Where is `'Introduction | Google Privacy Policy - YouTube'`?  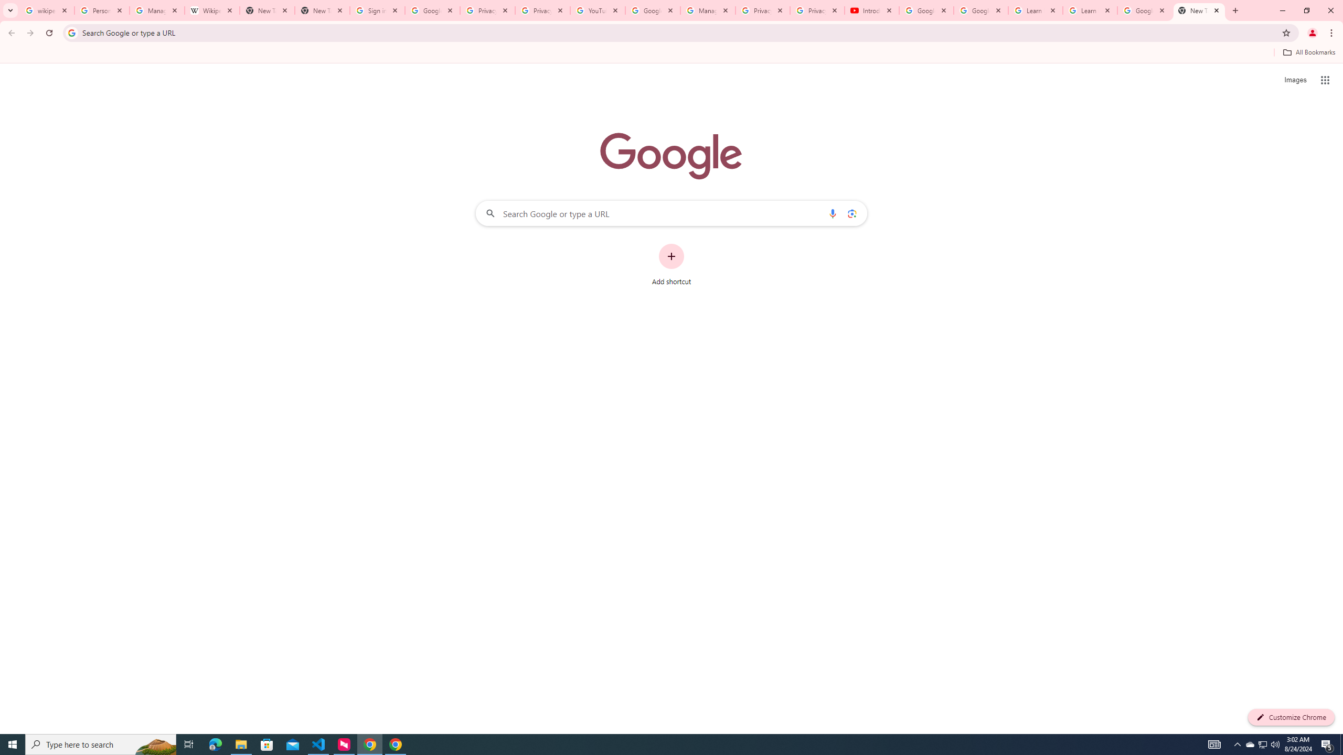 'Introduction | Google Privacy Policy - YouTube' is located at coordinates (871, 10).